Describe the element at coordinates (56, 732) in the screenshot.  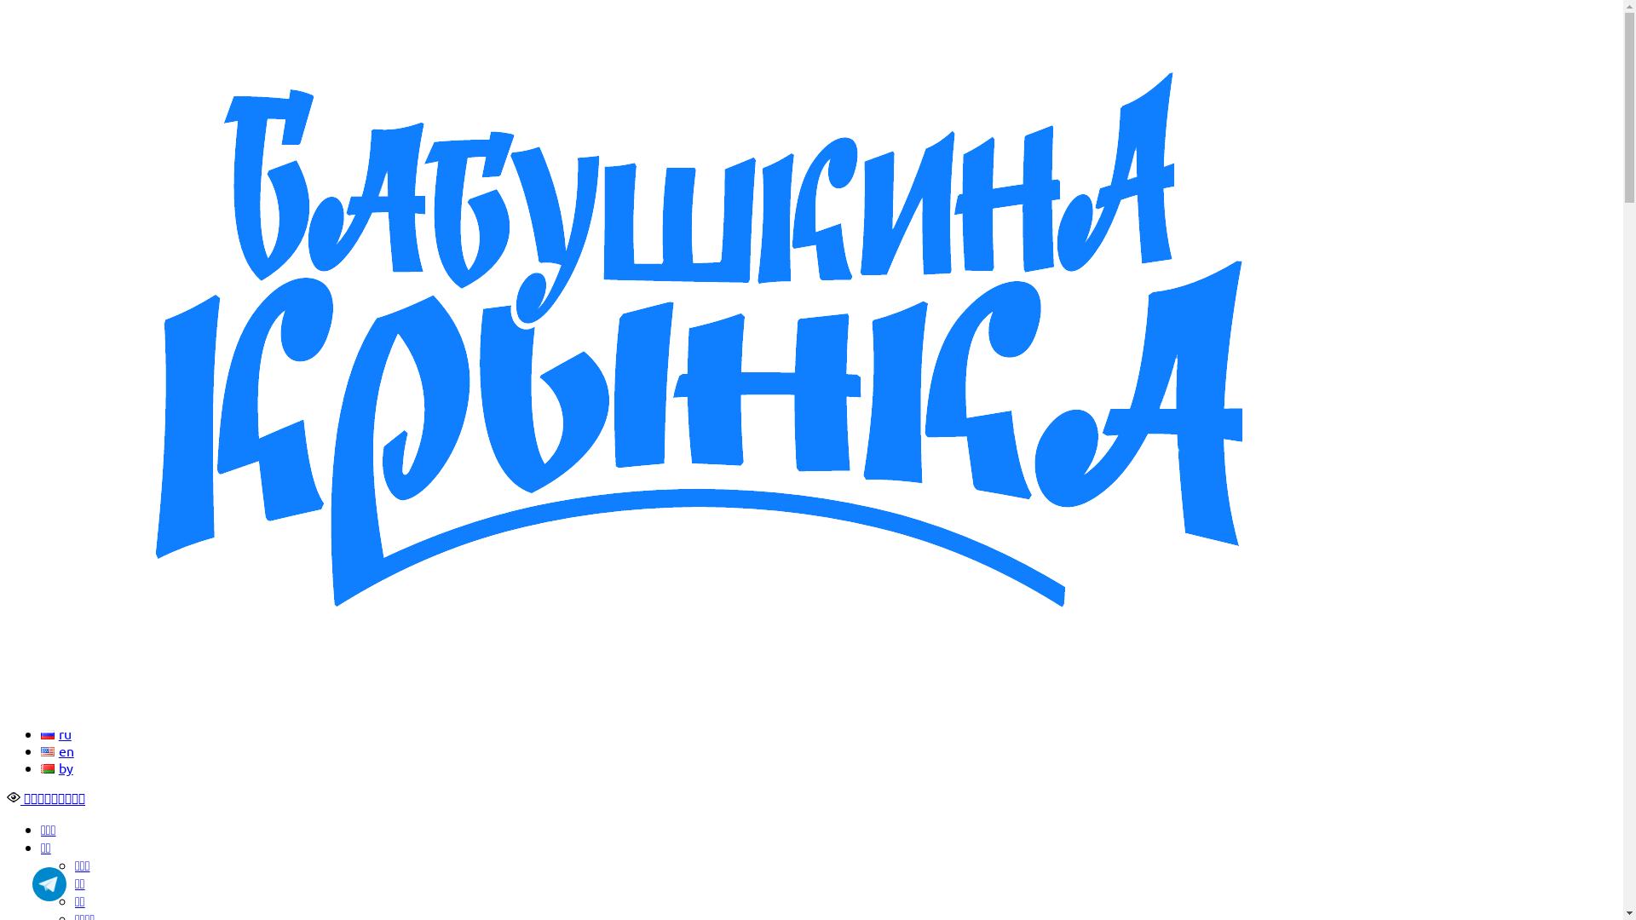
I see `'ru'` at that location.